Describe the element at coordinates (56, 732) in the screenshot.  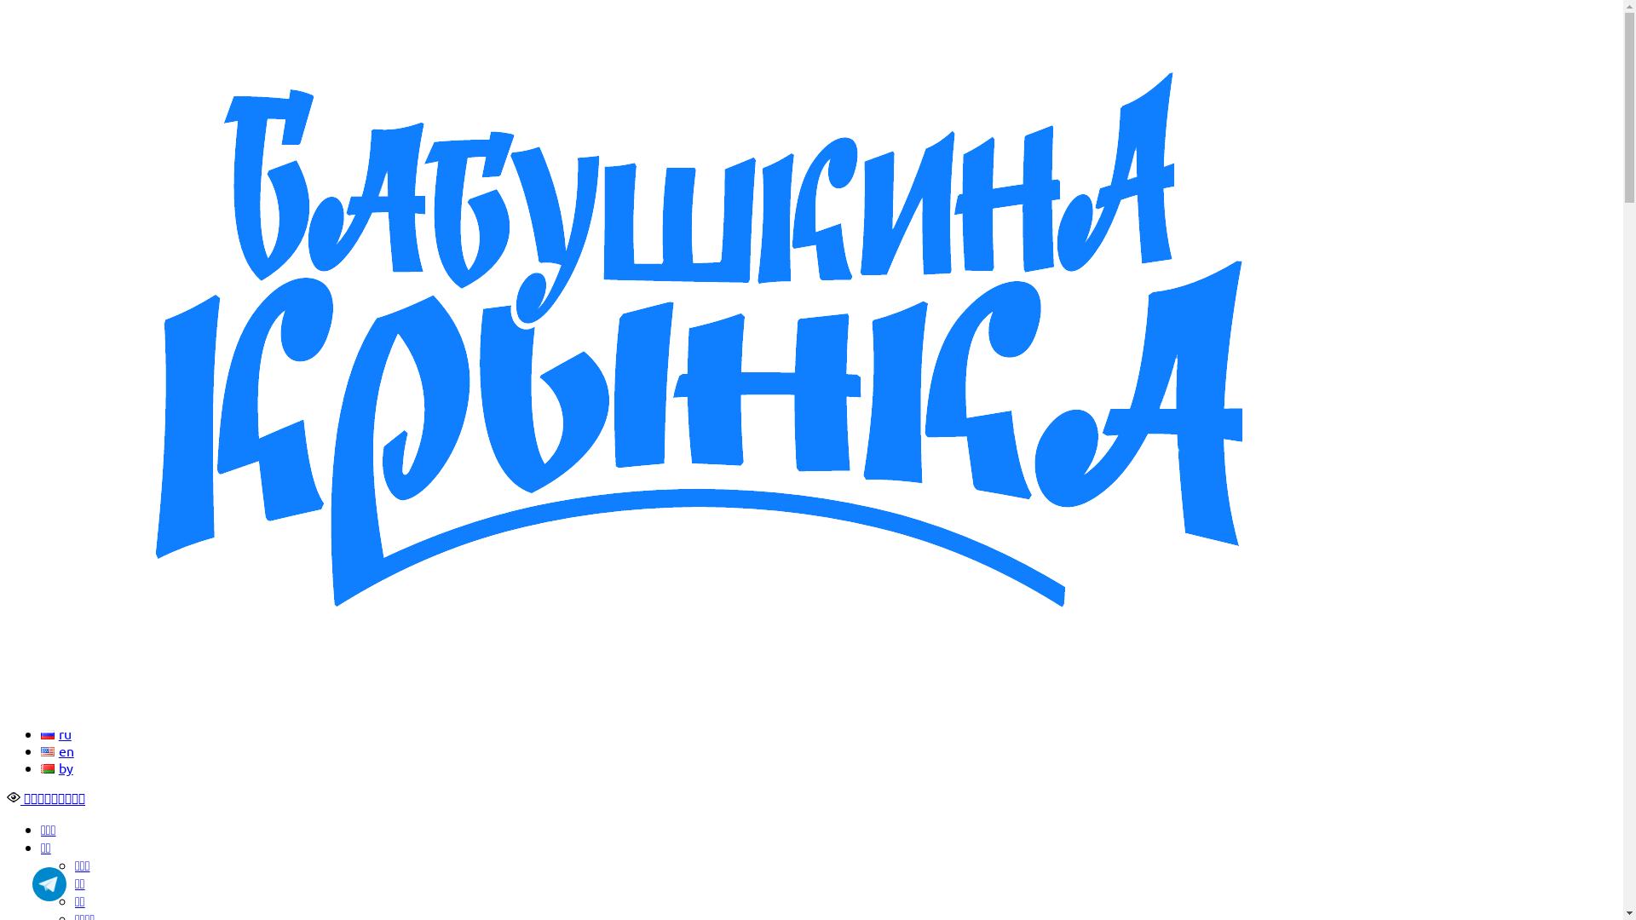
I see `'ru'` at that location.